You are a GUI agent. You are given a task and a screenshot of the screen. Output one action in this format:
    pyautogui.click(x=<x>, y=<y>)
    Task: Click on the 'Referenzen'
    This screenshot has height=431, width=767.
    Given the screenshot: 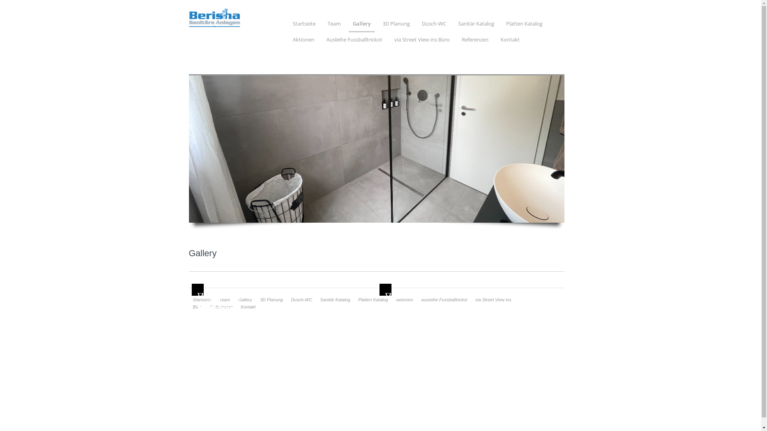 What is the action you would take?
    pyautogui.click(x=221, y=306)
    